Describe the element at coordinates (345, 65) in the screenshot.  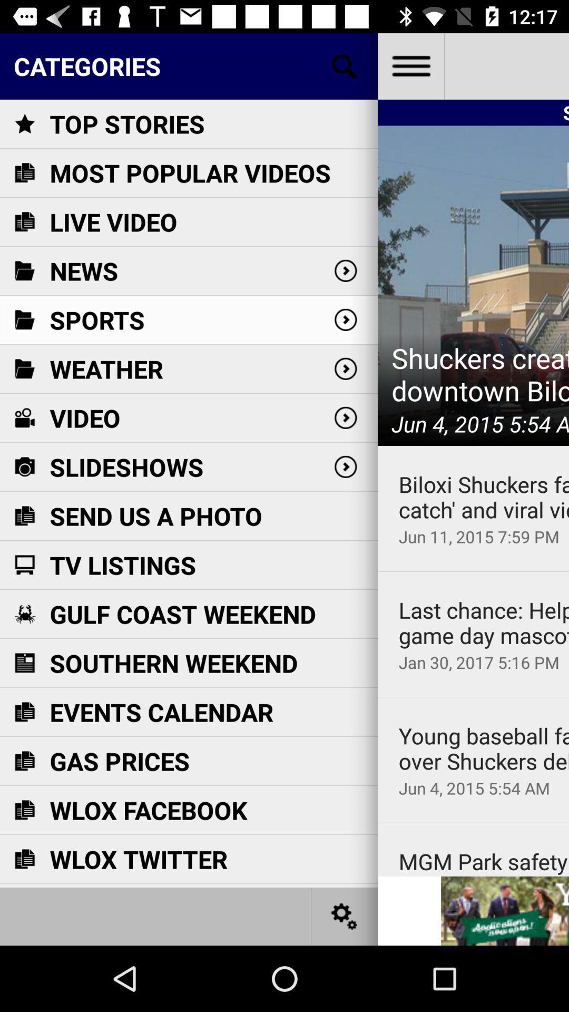
I see `the search icon` at that location.